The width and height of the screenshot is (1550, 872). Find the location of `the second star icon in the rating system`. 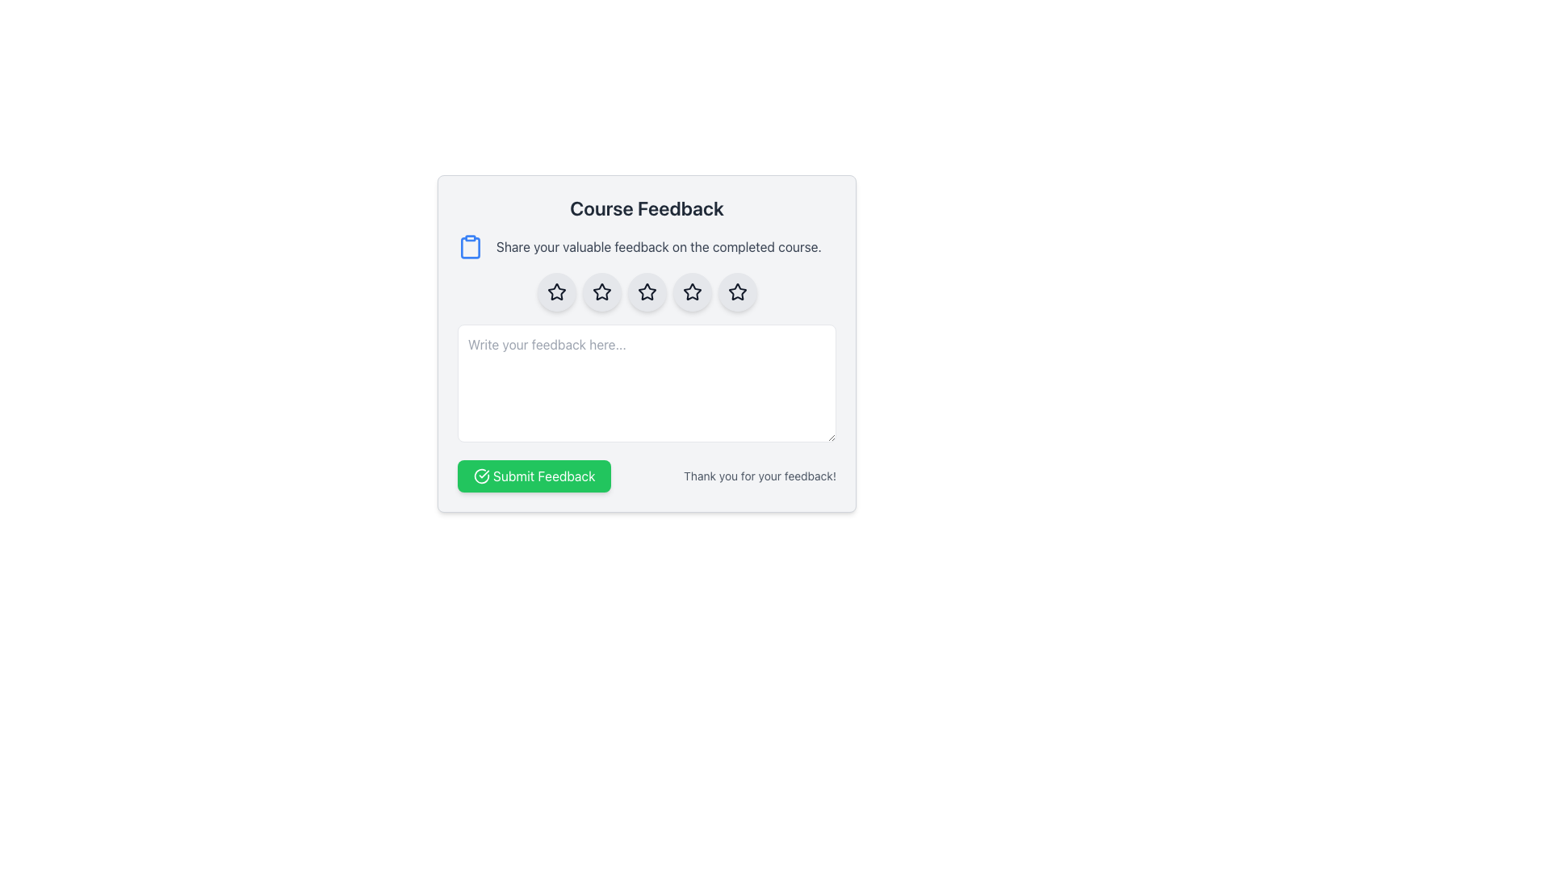

the second star icon in the rating system is located at coordinates (647, 292).